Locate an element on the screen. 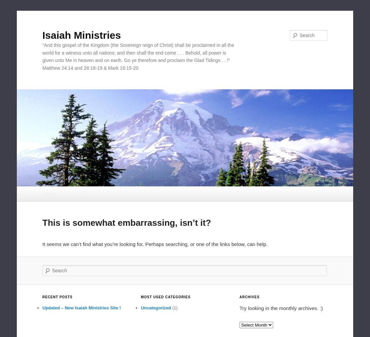 This screenshot has height=337, width=370. 'It seems we can’t find what you’re looking for. Perhaps searching, or one of the links below, can help.' is located at coordinates (42, 244).